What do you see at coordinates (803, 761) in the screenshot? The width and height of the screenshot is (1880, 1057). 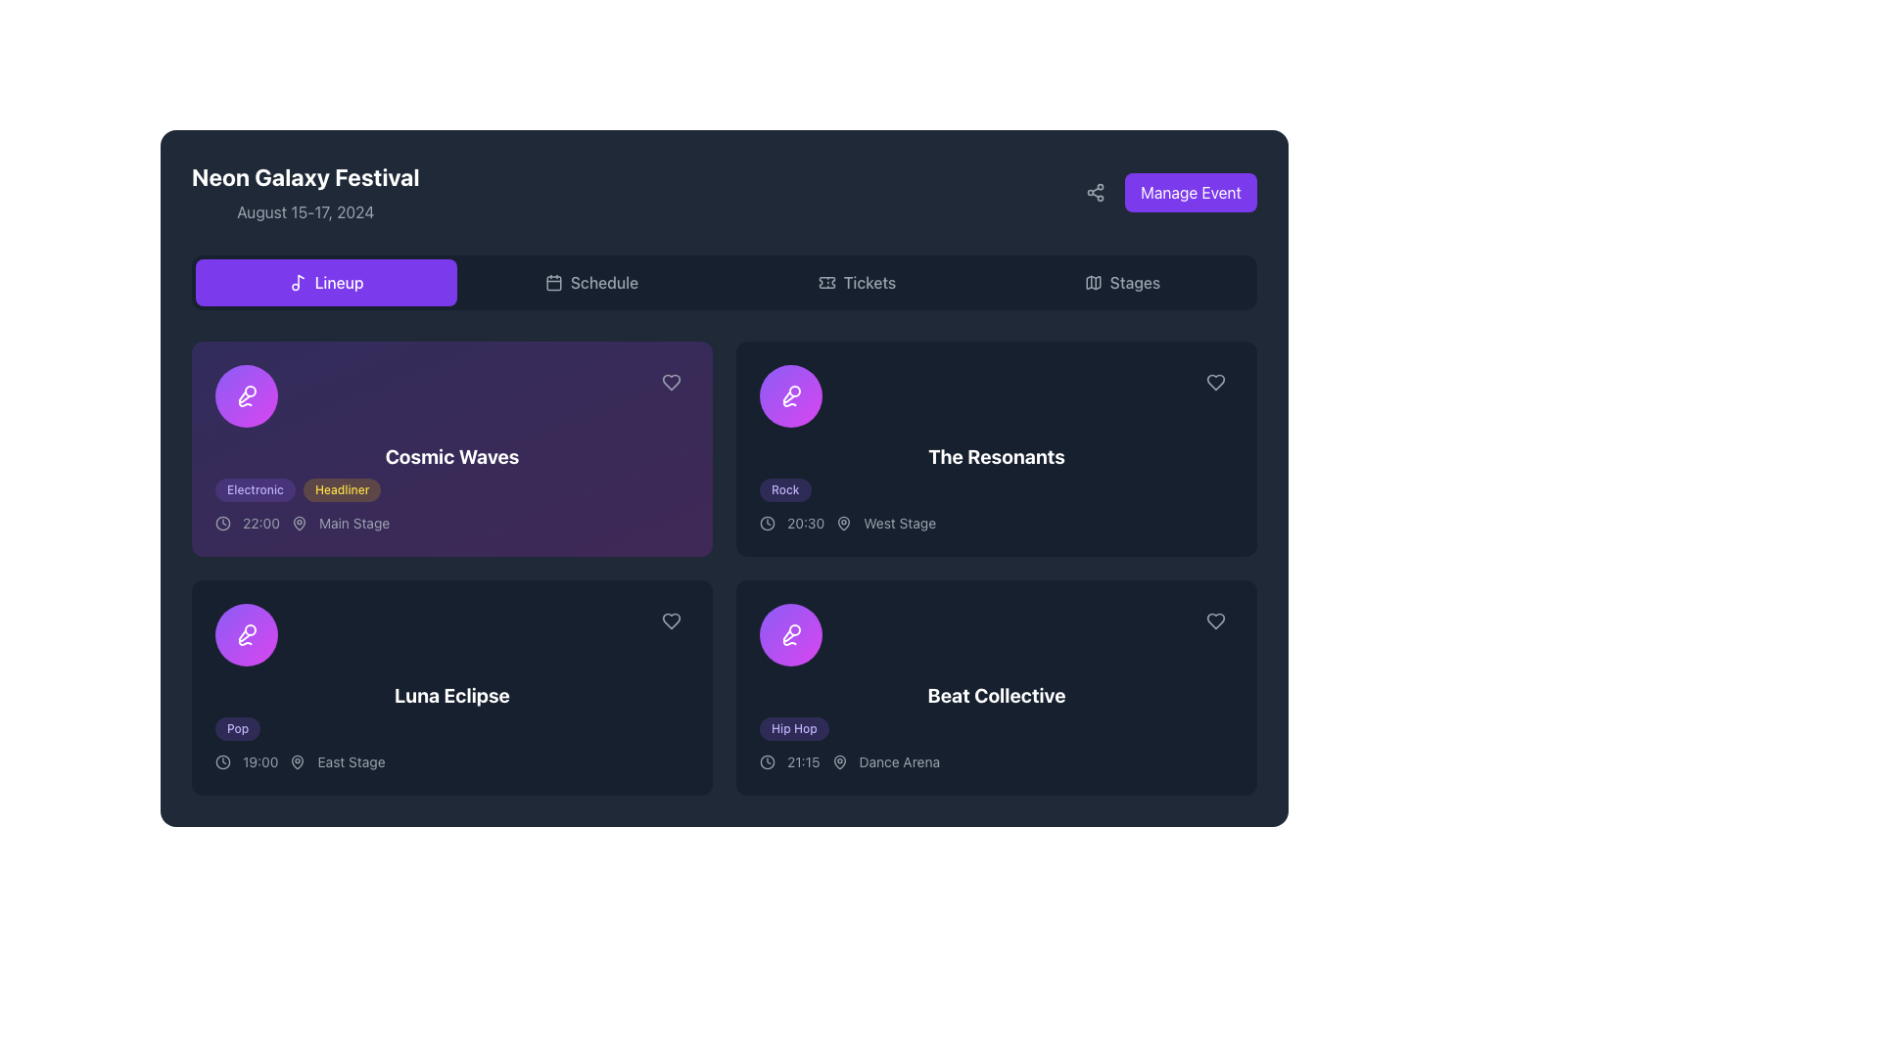 I see `the static text label that displays the scheduled time '21:15', located on the right side of the bottom-right section labeled 'Beat Collective', positioned to the right of a clock icon and before the 'Dance Arena' text` at bounding box center [803, 761].